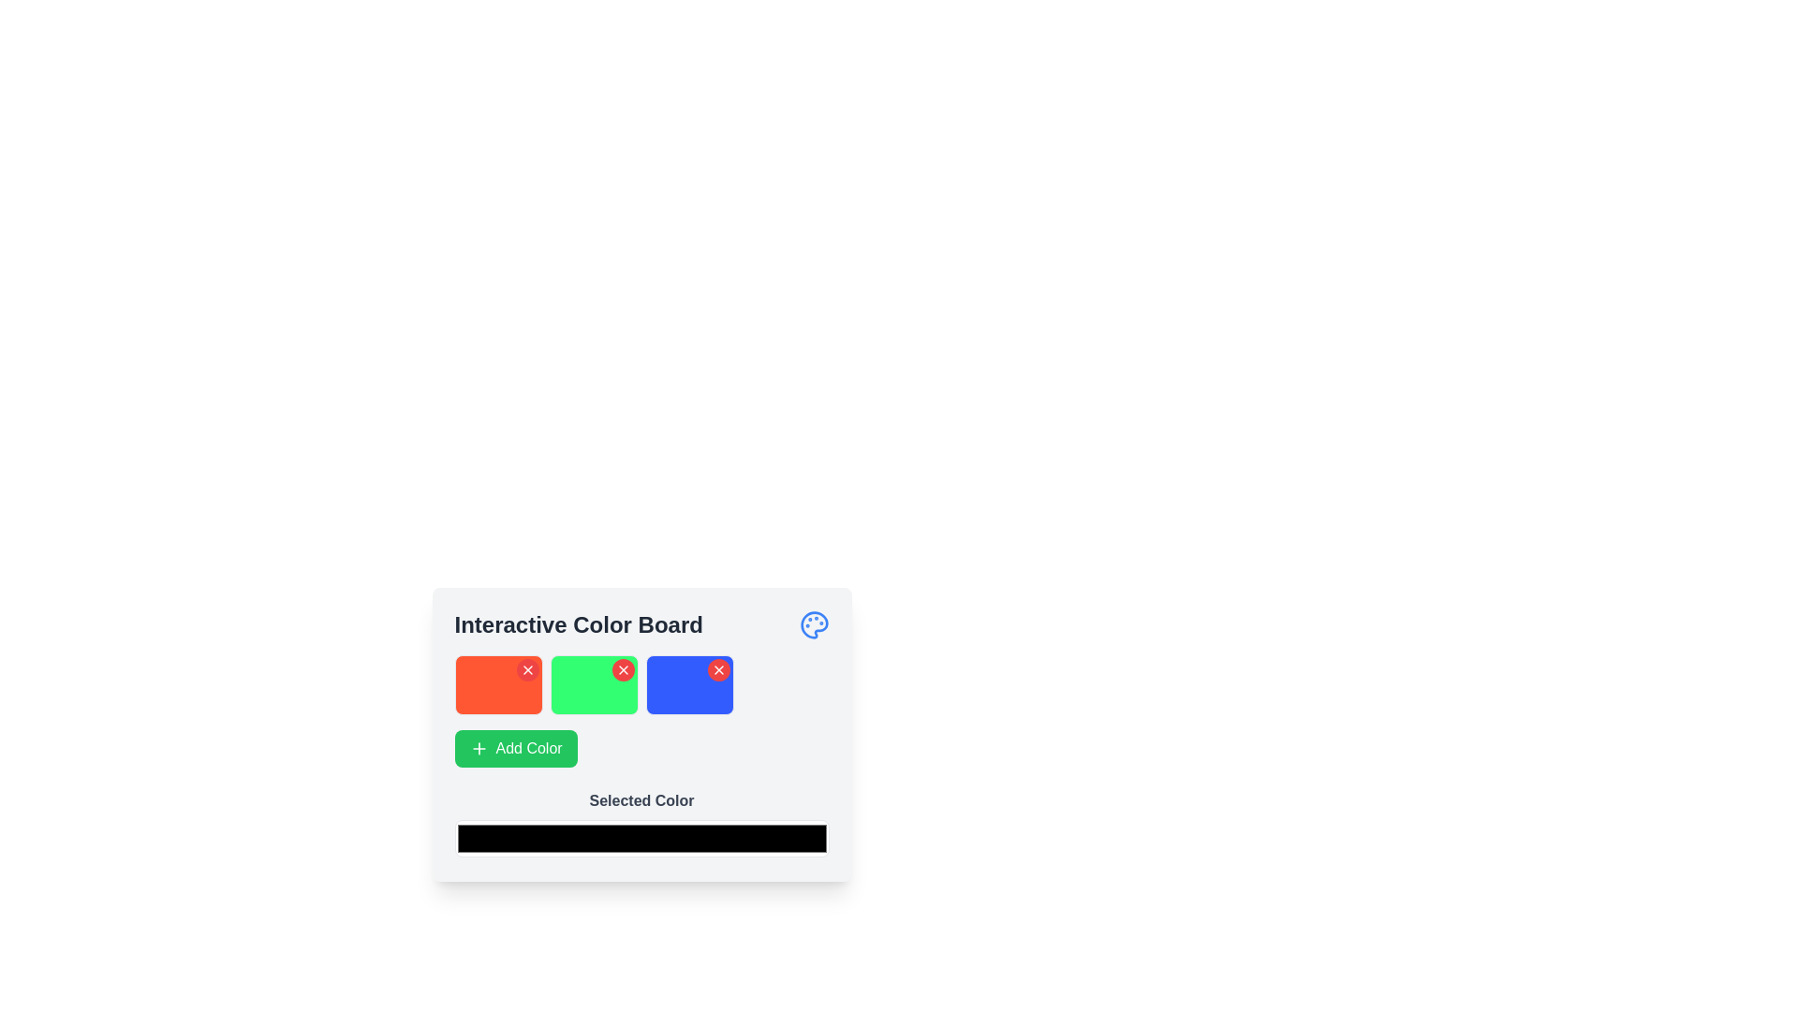  What do you see at coordinates (526, 669) in the screenshot?
I see `the close button located at the top-right corner of the red card` at bounding box center [526, 669].